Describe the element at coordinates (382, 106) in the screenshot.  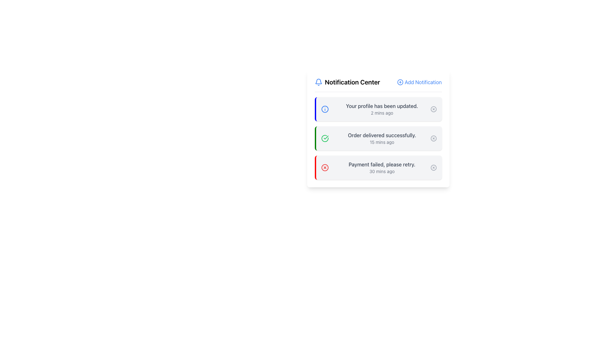
I see `the notification message indicating a successful profile update, which is outlined in blue and located above the timestamp and next to an informational icon` at that location.